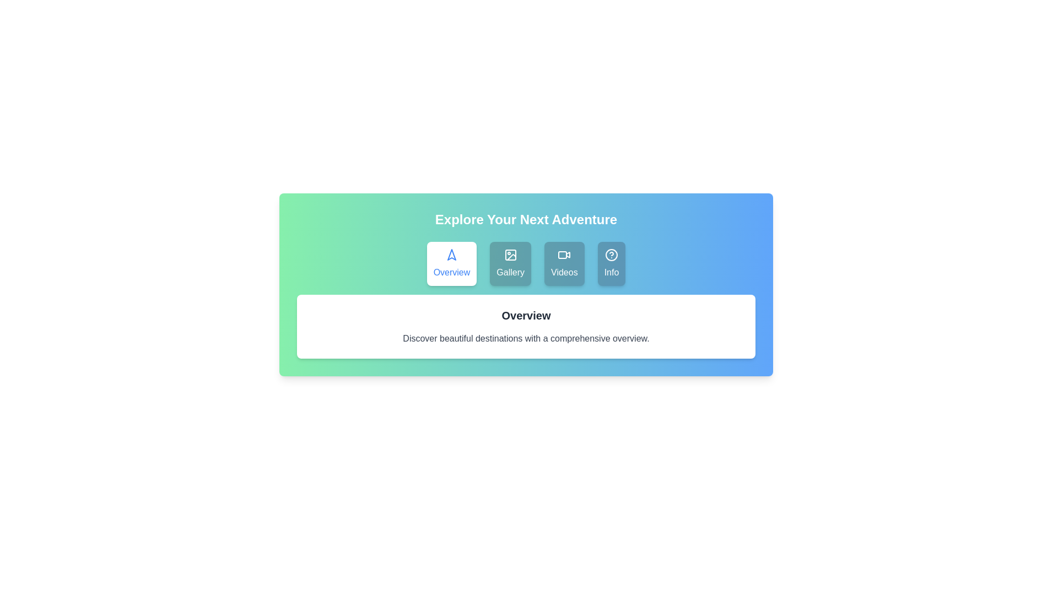  I want to click on the tab labeled Info by clicking on it, so click(611, 263).